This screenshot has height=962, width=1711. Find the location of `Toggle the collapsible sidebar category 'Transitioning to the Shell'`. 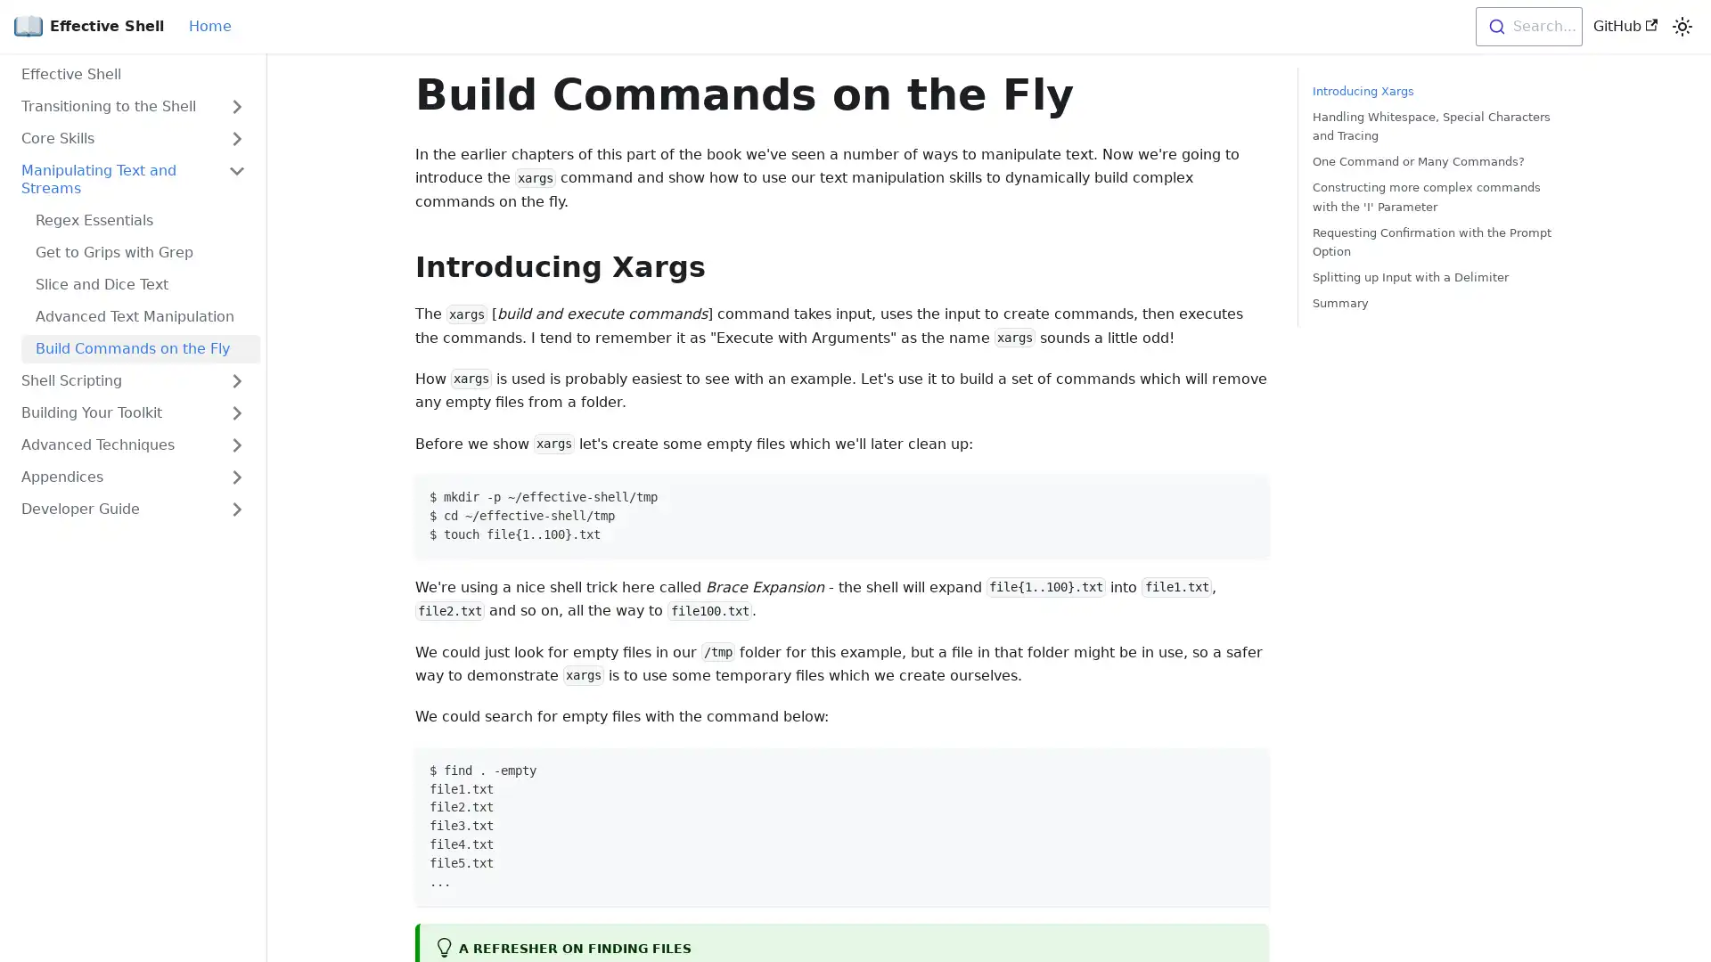

Toggle the collapsible sidebar category 'Transitioning to the Shell' is located at coordinates (235, 106).